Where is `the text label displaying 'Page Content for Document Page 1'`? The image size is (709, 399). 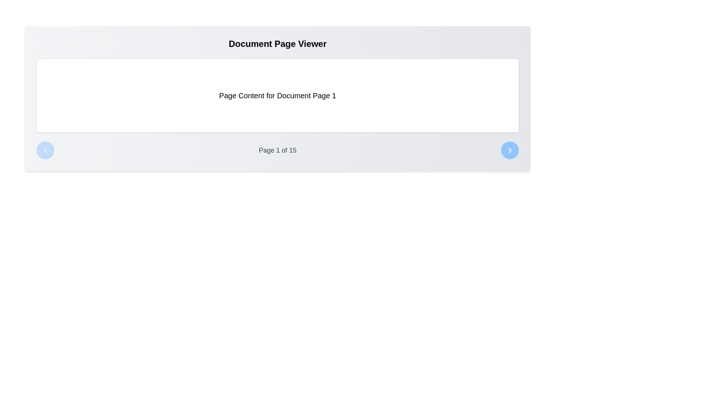 the text label displaying 'Page Content for Document Page 1' is located at coordinates (277, 95).